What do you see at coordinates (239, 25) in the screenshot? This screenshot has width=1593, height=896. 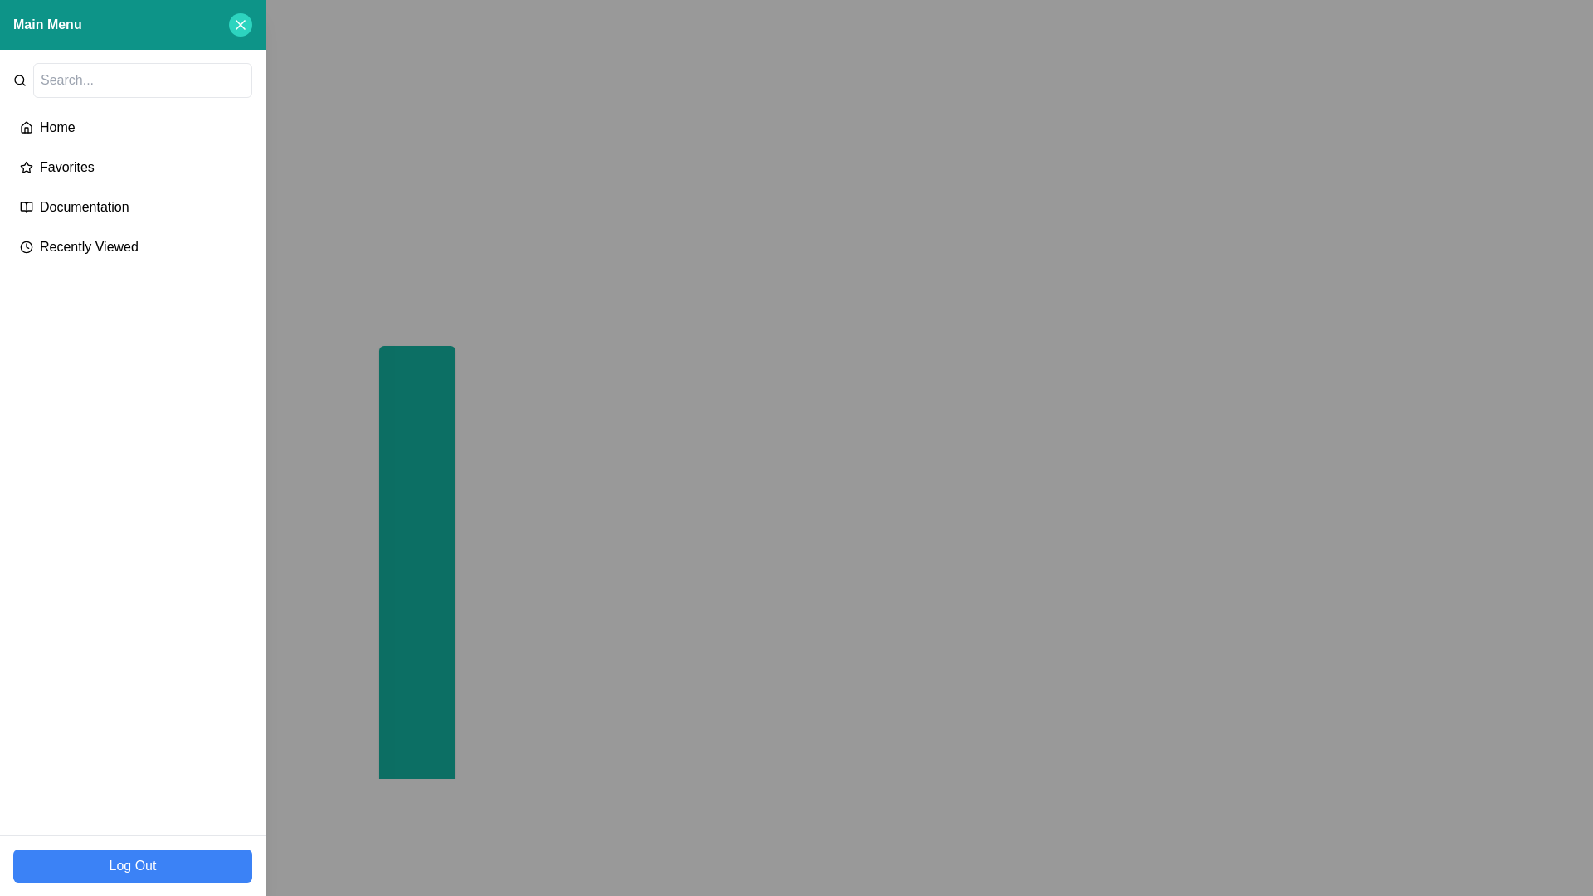 I see `the 'X' icon in the top-left corner of the navigation bar` at bounding box center [239, 25].